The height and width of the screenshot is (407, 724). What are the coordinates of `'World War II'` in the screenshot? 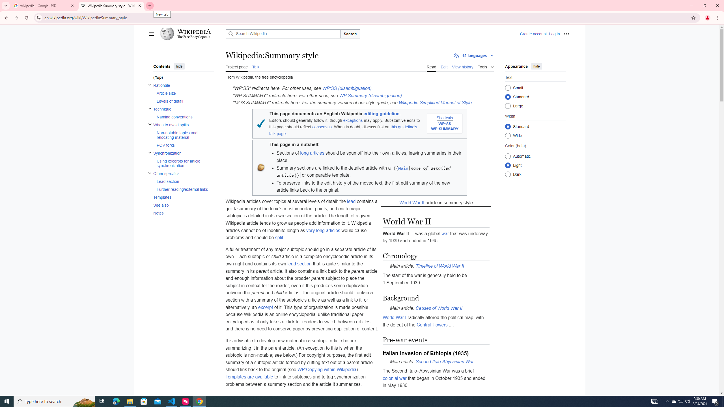 It's located at (411, 202).